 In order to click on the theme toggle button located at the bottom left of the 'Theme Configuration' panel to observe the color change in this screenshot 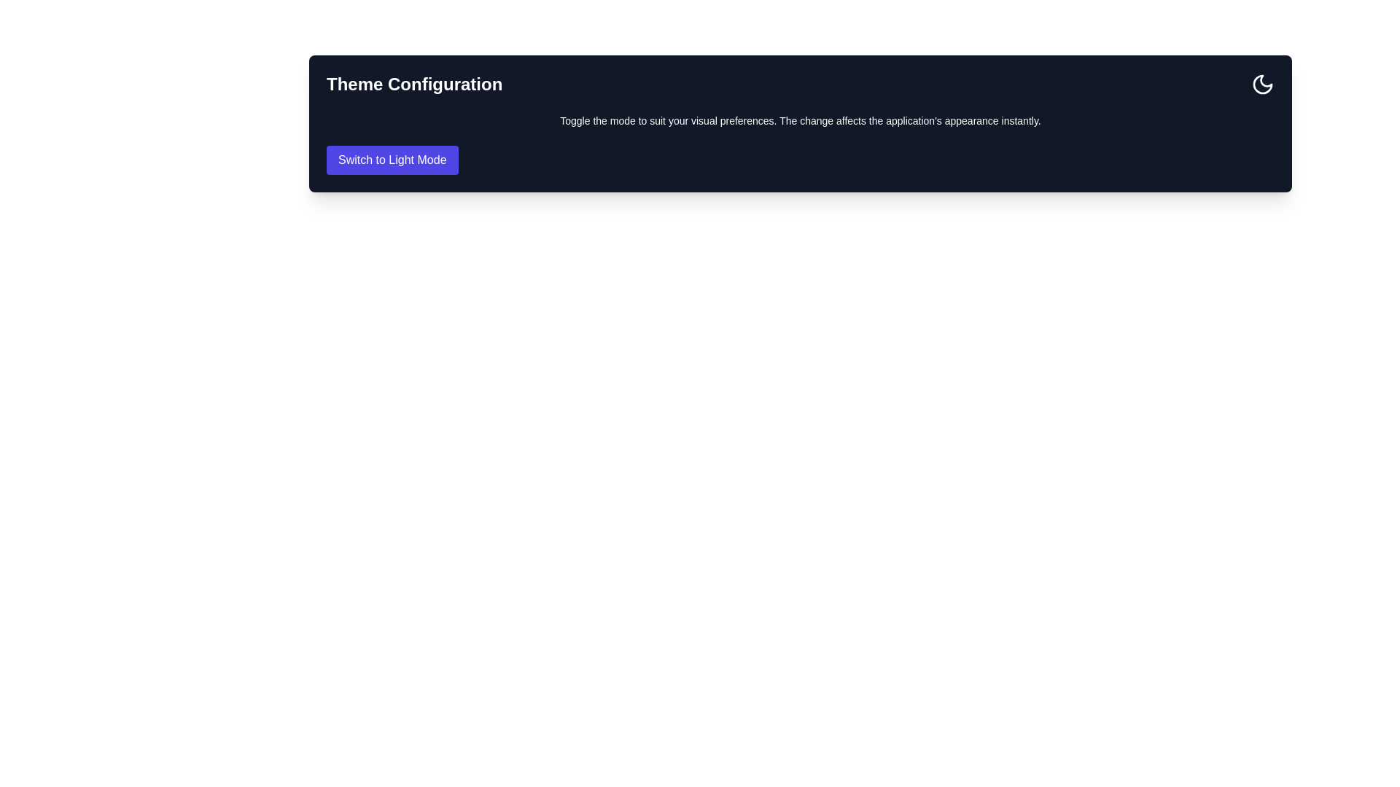, I will do `click(392, 160)`.